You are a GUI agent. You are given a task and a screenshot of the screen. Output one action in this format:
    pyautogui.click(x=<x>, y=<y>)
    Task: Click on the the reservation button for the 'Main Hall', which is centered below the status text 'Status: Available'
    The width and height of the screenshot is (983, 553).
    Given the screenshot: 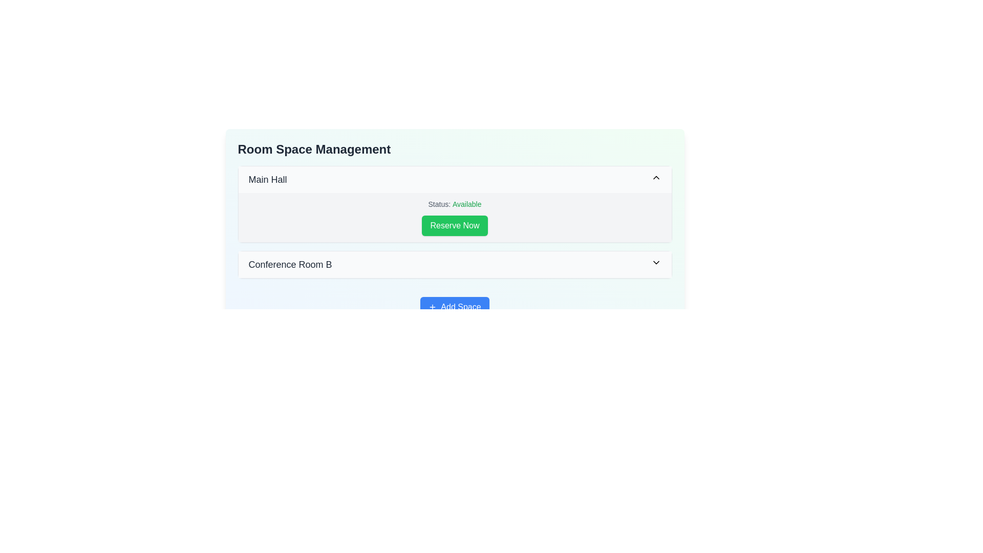 What is the action you would take?
    pyautogui.click(x=454, y=228)
    